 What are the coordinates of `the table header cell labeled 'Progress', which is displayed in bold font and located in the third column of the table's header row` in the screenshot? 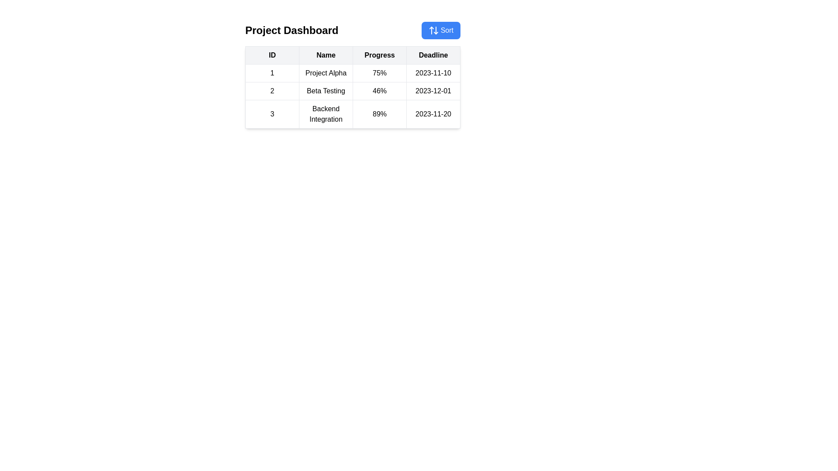 It's located at (379, 55).